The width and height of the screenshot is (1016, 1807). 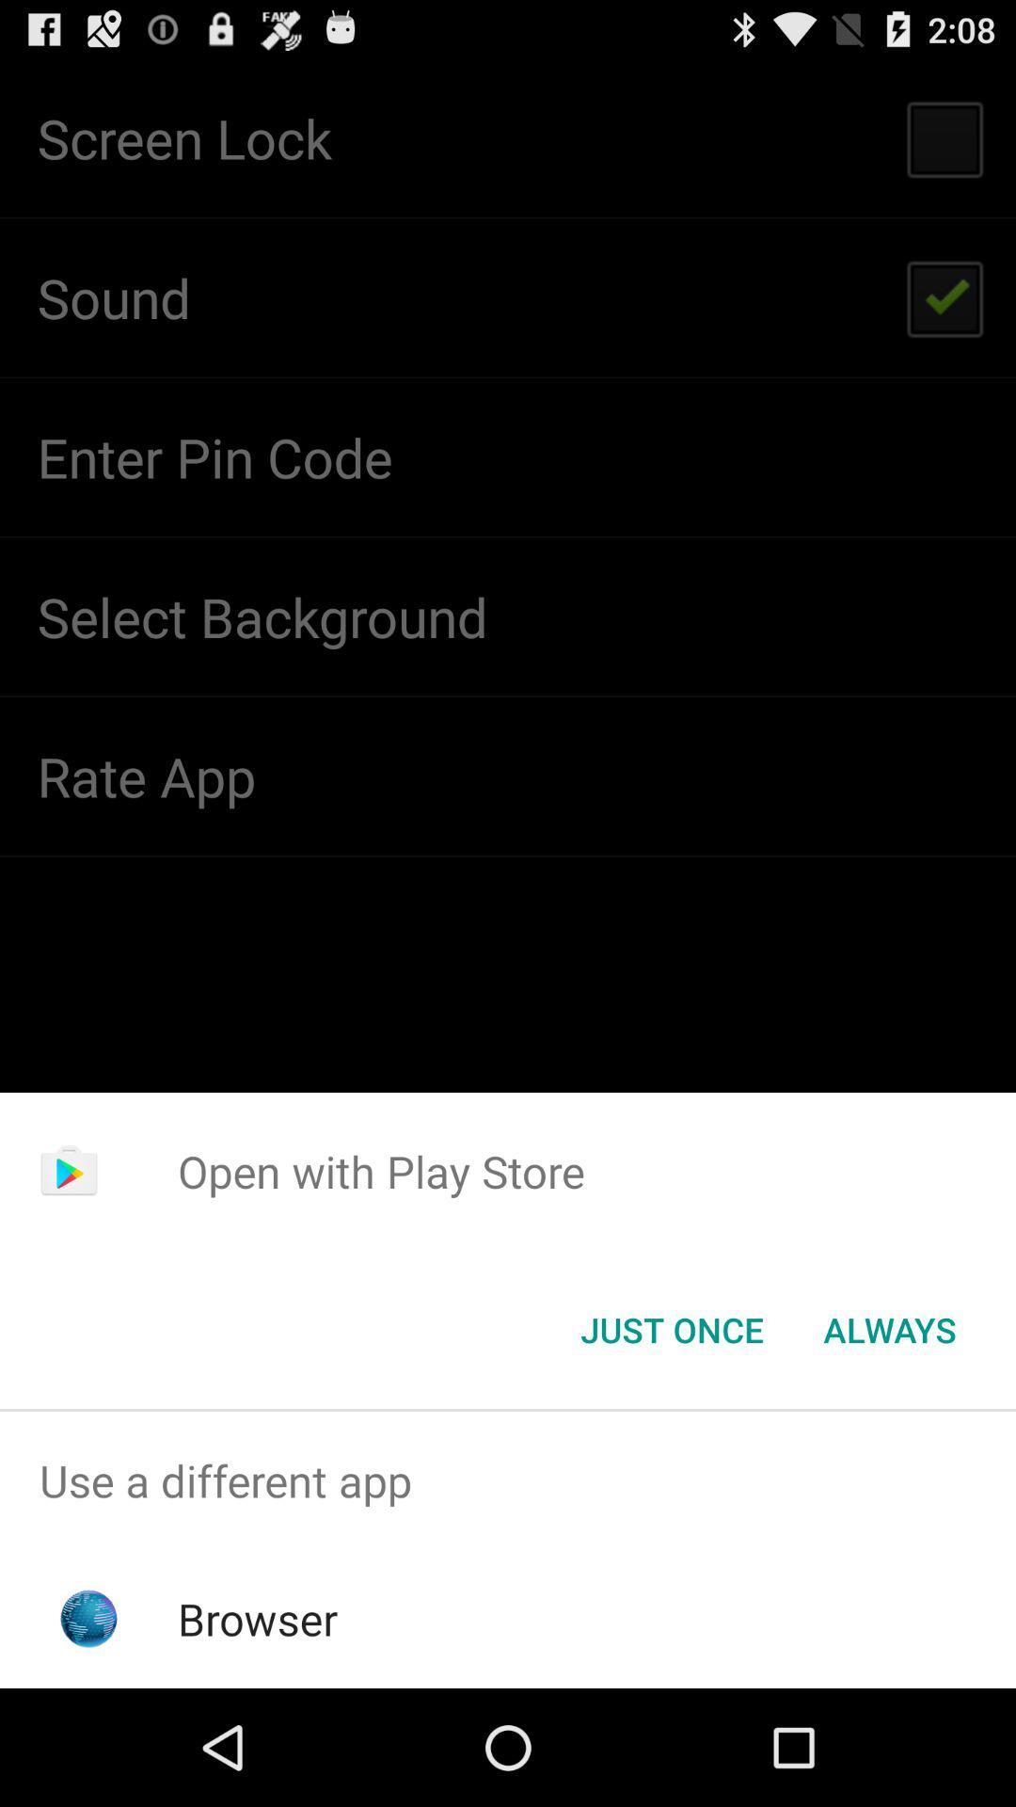 What do you see at coordinates (258, 1618) in the screenshot?
I see `the browser app` at bounding box center [258, 1618].